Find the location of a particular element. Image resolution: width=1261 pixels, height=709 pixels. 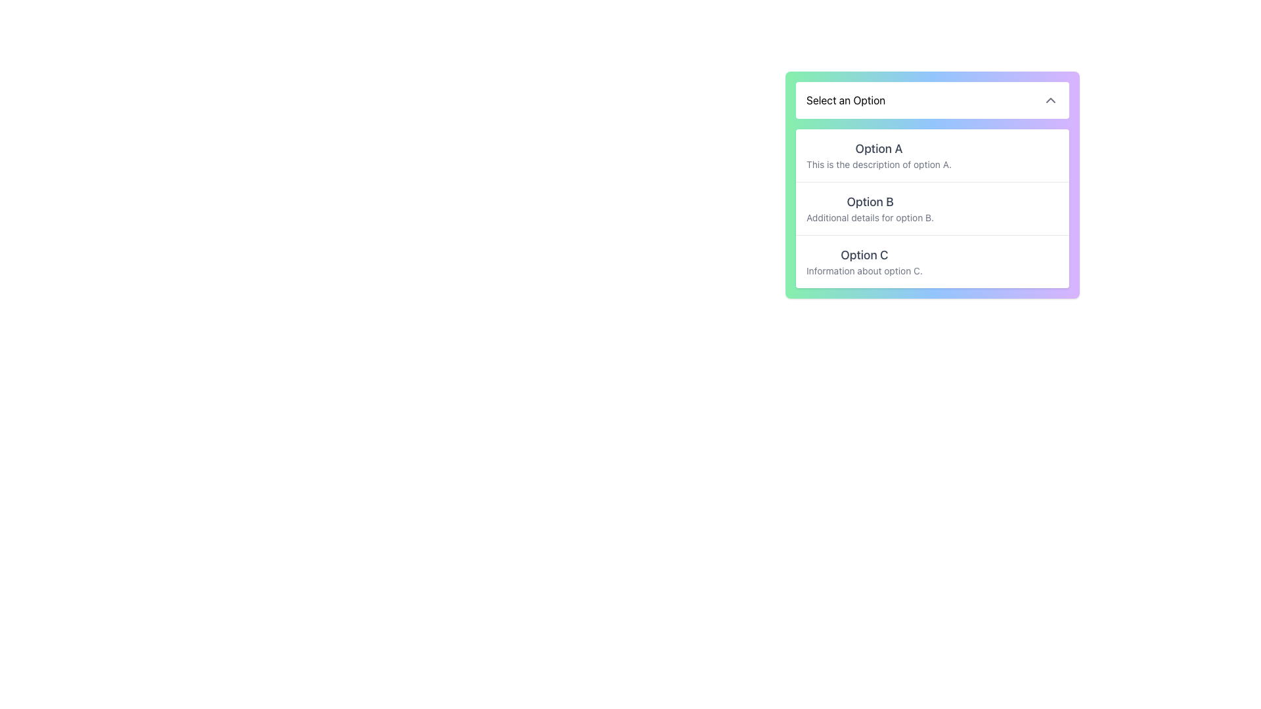

the text block labeled 'Option B' is located at coordinates (870, 207).